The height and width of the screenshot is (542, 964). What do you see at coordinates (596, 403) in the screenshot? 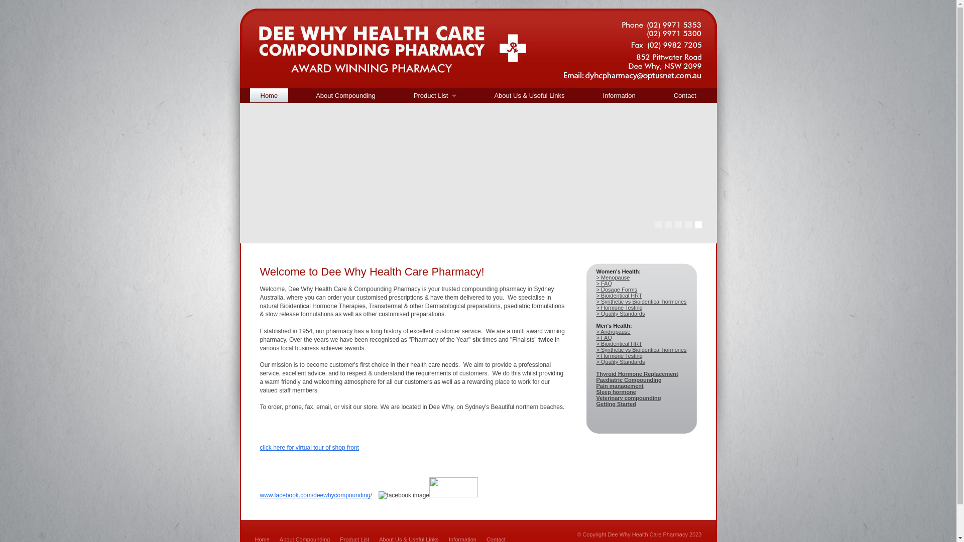
I see `'Getting Started'` at bounding box center [596, 403].